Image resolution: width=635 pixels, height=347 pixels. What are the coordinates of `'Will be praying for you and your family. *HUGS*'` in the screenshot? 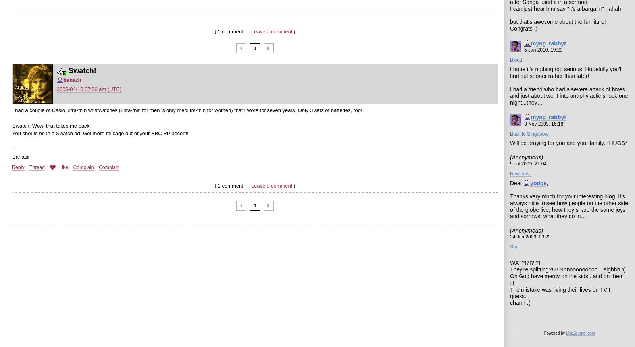 It's located at (568, 143).